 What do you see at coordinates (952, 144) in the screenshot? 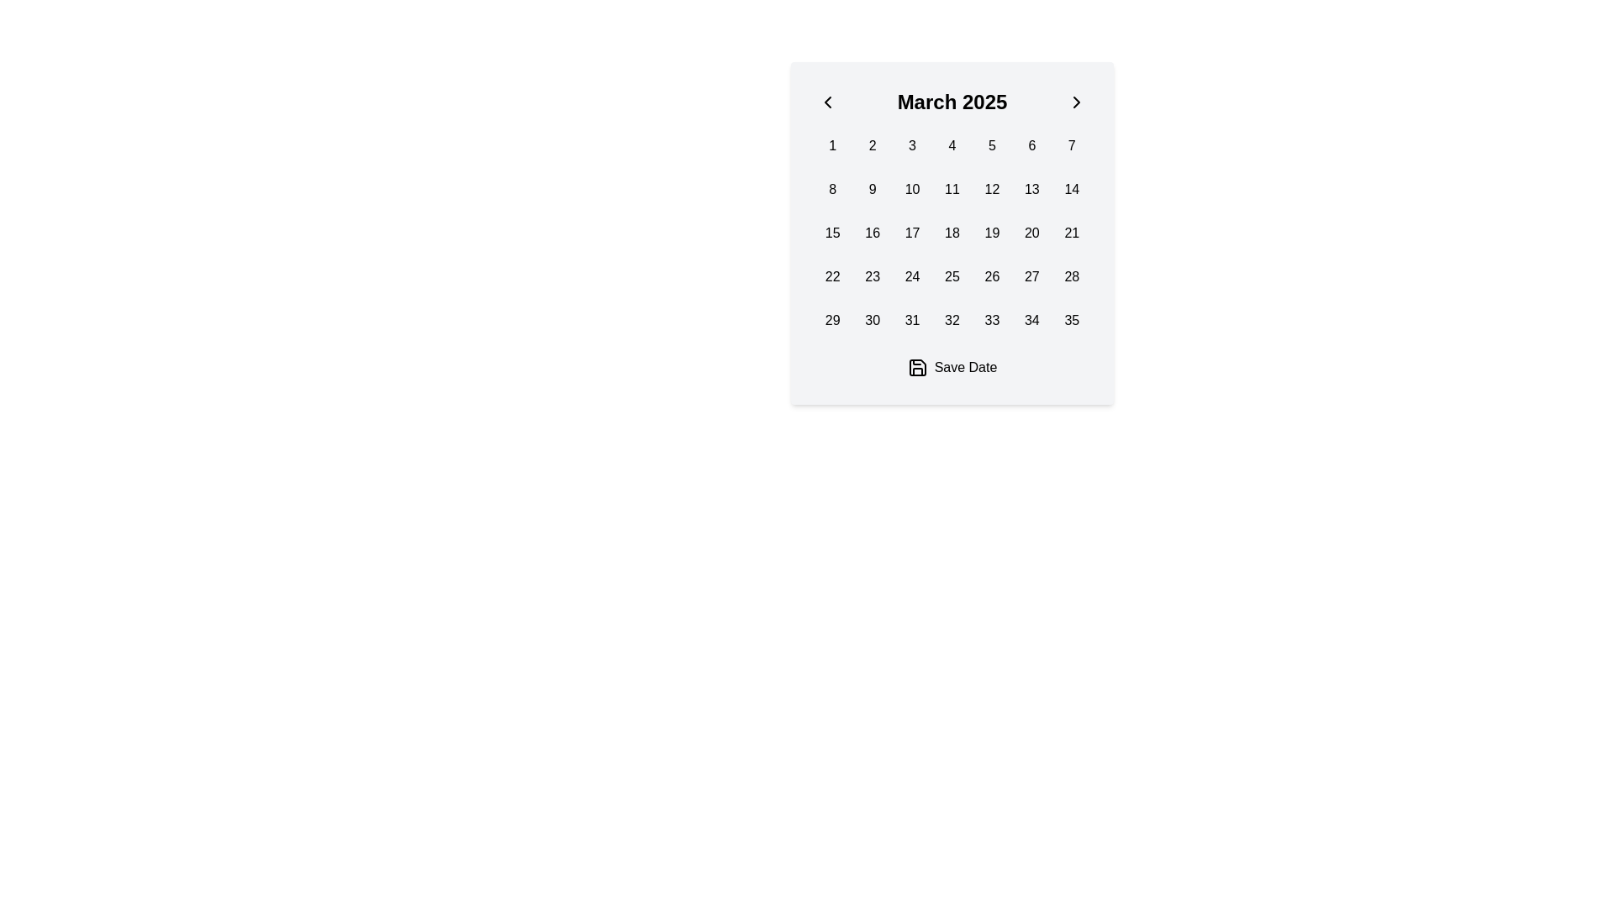
I see `the button representing day '4' in the calendar interface` at bounding box center [952, 144].